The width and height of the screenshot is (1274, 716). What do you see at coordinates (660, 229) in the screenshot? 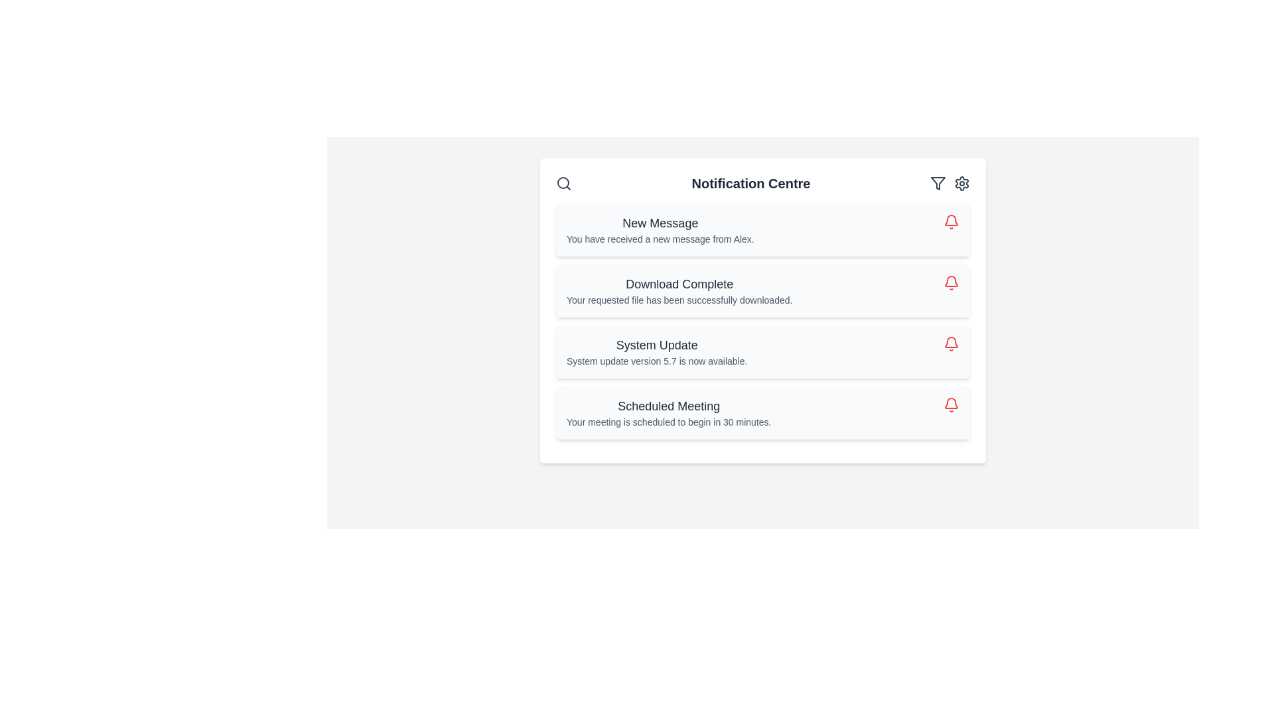
I see `the Notification Item that informs the user about a new message from 'Alex'` at bounding box center [660, 229].